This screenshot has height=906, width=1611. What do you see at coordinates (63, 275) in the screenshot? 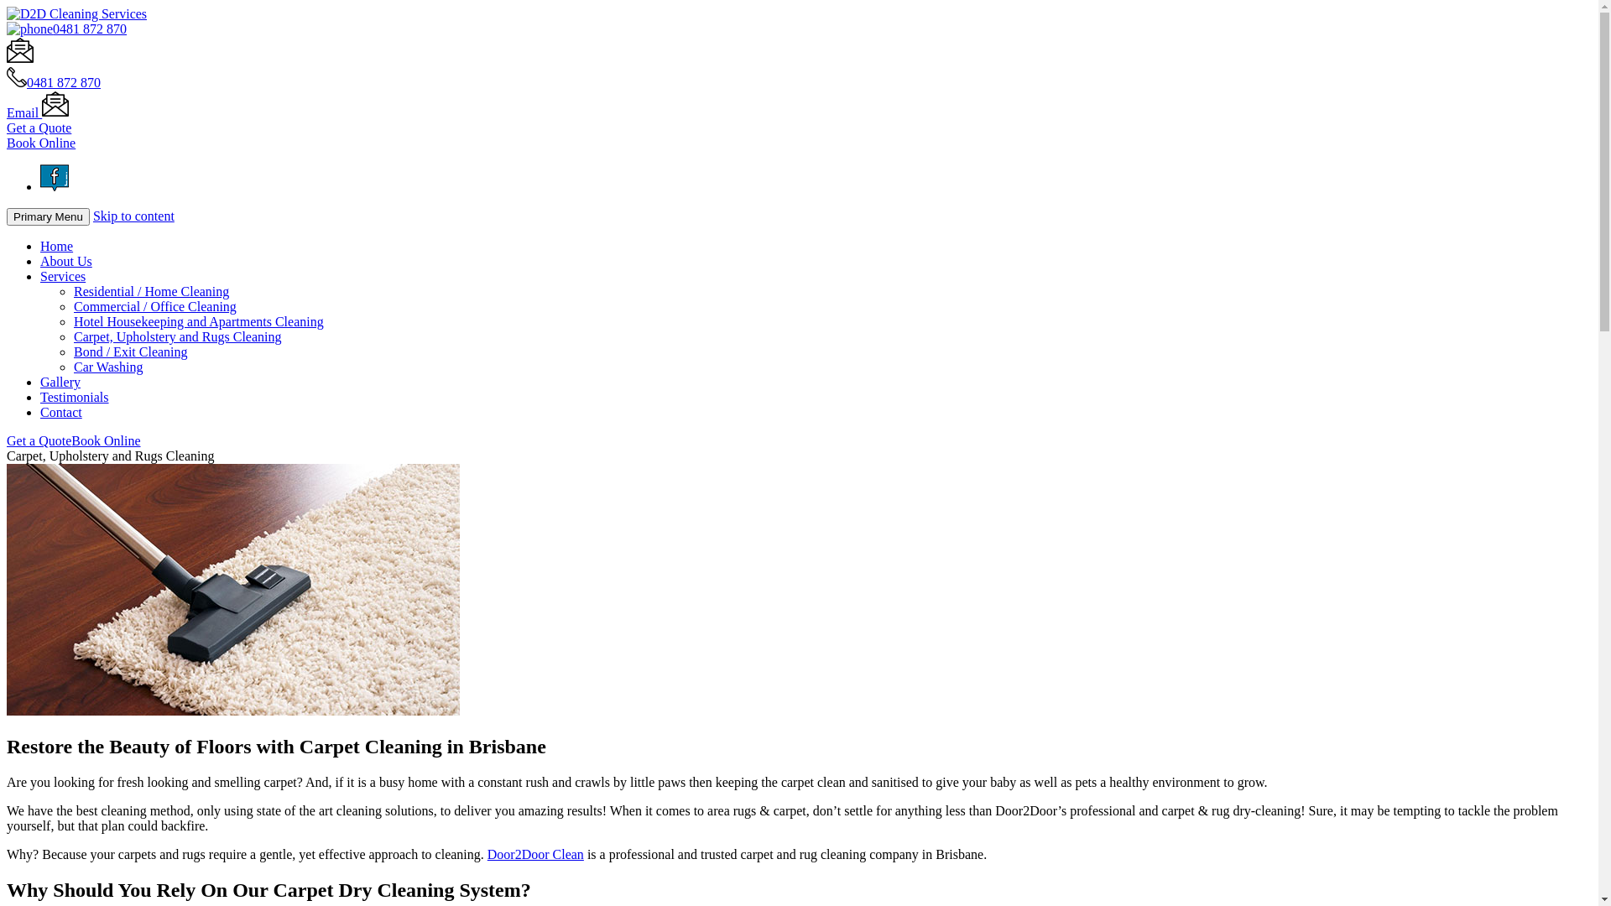
I see `'Services'` at bounding box center [63, 275].